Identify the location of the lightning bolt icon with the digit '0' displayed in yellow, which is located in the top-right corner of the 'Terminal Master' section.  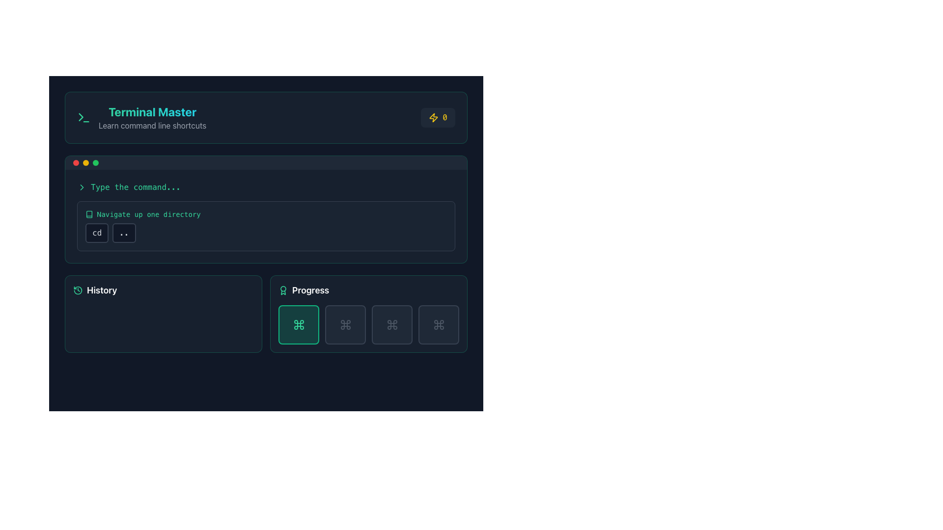
(438, 117).